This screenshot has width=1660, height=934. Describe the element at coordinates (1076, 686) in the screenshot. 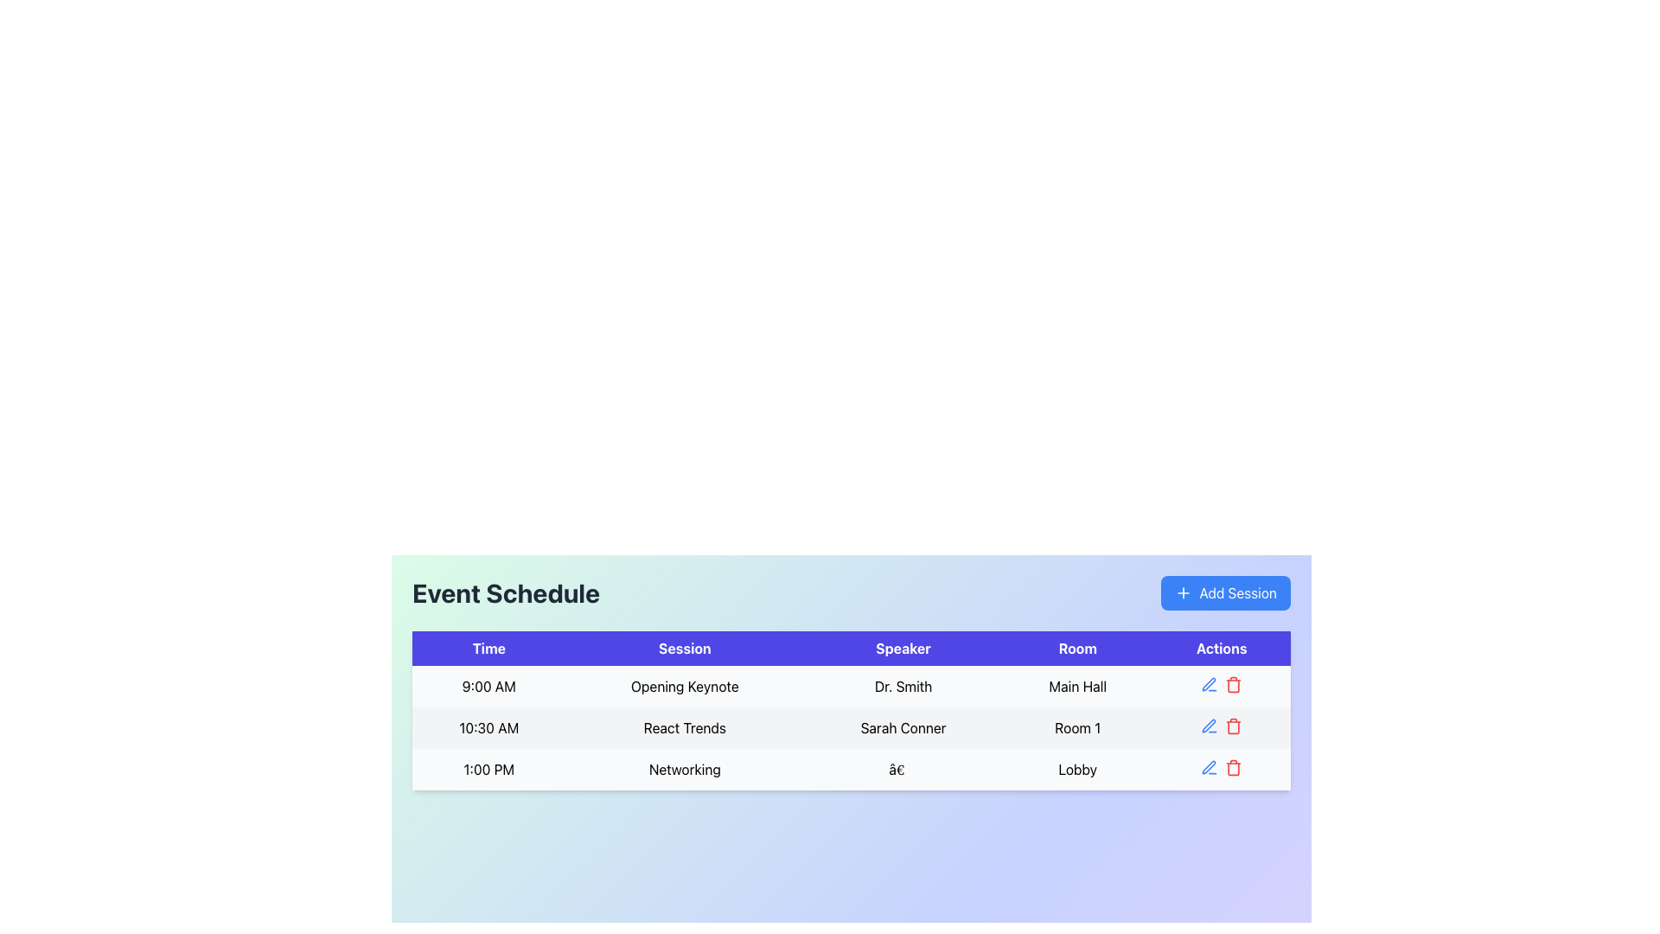

I see `the 'Main Hall' text label located in the fourth column of the first row in the table layout` at that location.